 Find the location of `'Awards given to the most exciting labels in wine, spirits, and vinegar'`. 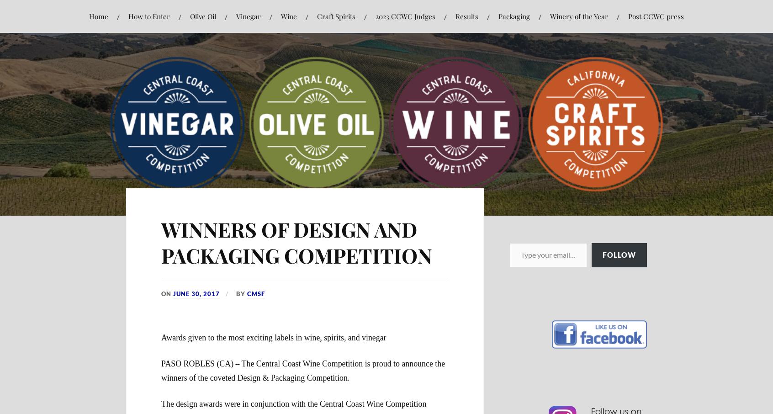

'Awards given to the most exciting labels in wine, spirits, and vinegar' is located at coordinates (273, 337).